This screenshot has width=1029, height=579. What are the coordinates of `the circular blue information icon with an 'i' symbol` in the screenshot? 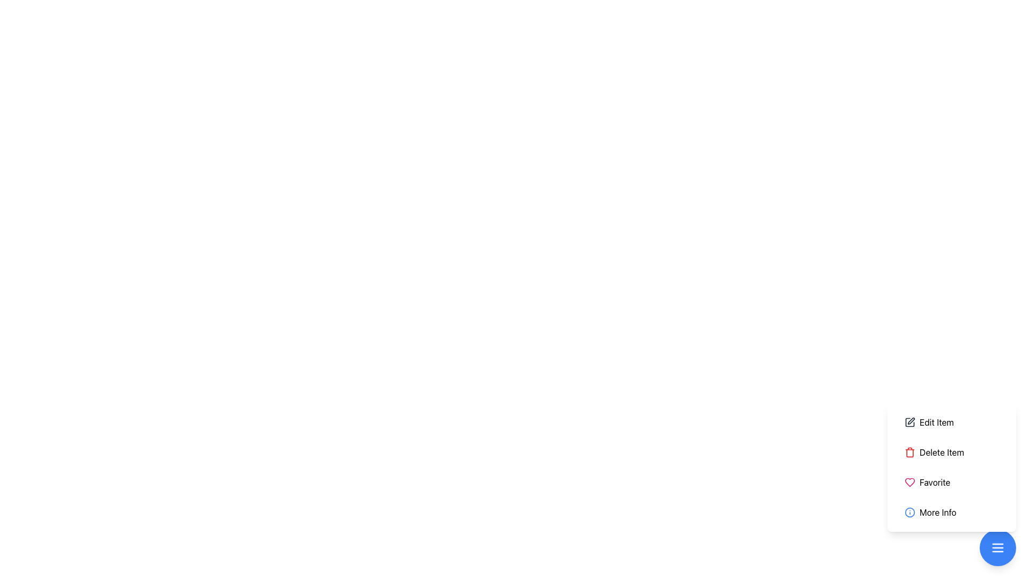 It's located at (909, 512).